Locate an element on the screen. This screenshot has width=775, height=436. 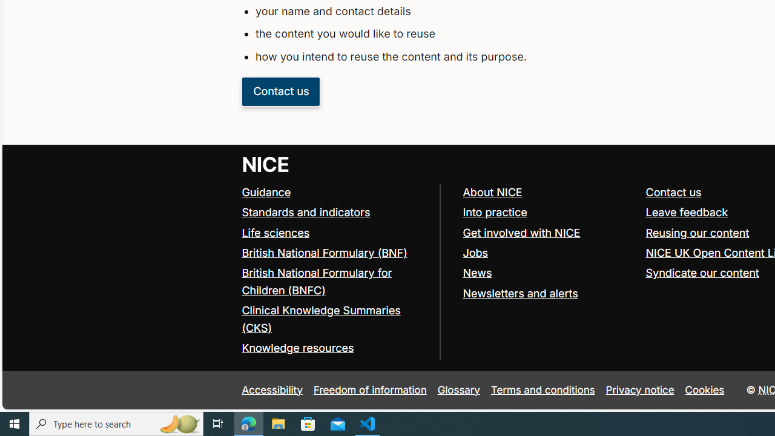
'Privacy notice' is located at coordinates (639, 390).